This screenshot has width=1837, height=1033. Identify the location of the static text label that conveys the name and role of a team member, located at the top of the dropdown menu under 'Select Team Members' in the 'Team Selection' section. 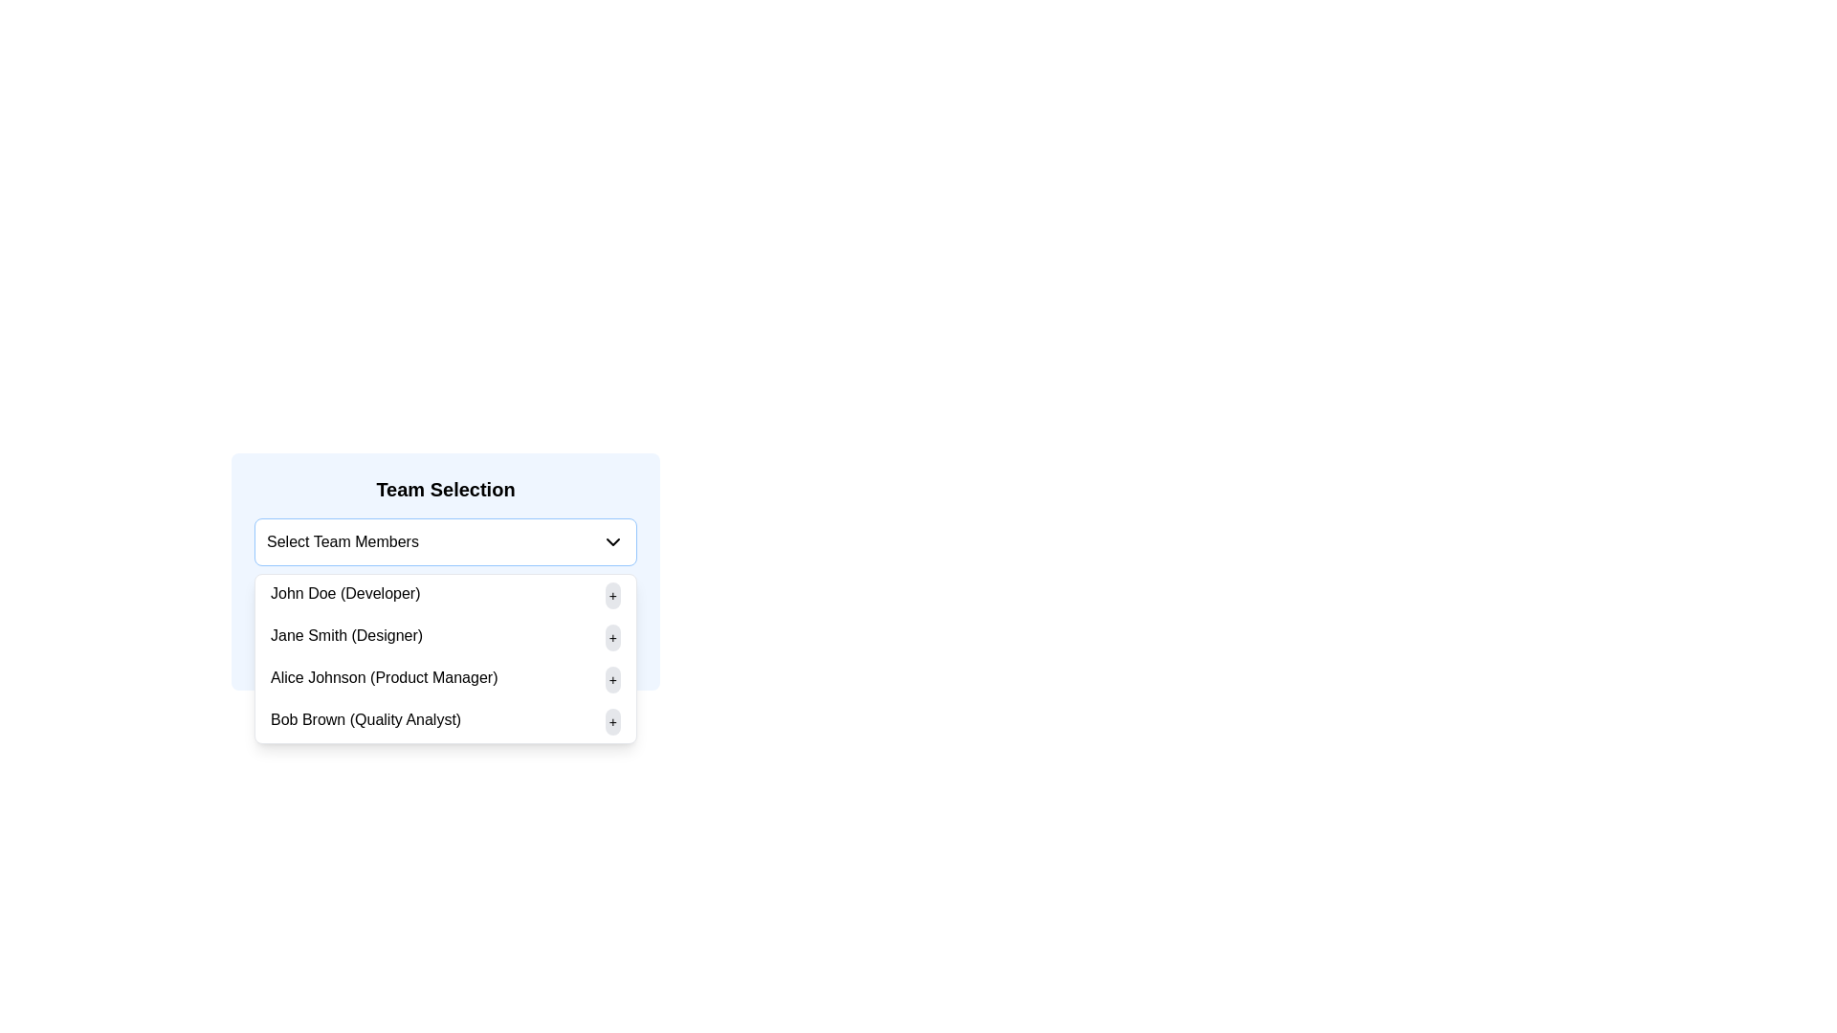
(345, 595).